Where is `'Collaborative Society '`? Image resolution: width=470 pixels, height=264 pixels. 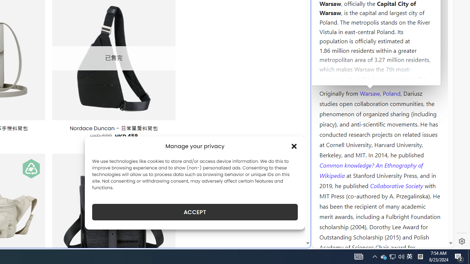 'Collaborative Society ' is located at coordinates (397, 185).